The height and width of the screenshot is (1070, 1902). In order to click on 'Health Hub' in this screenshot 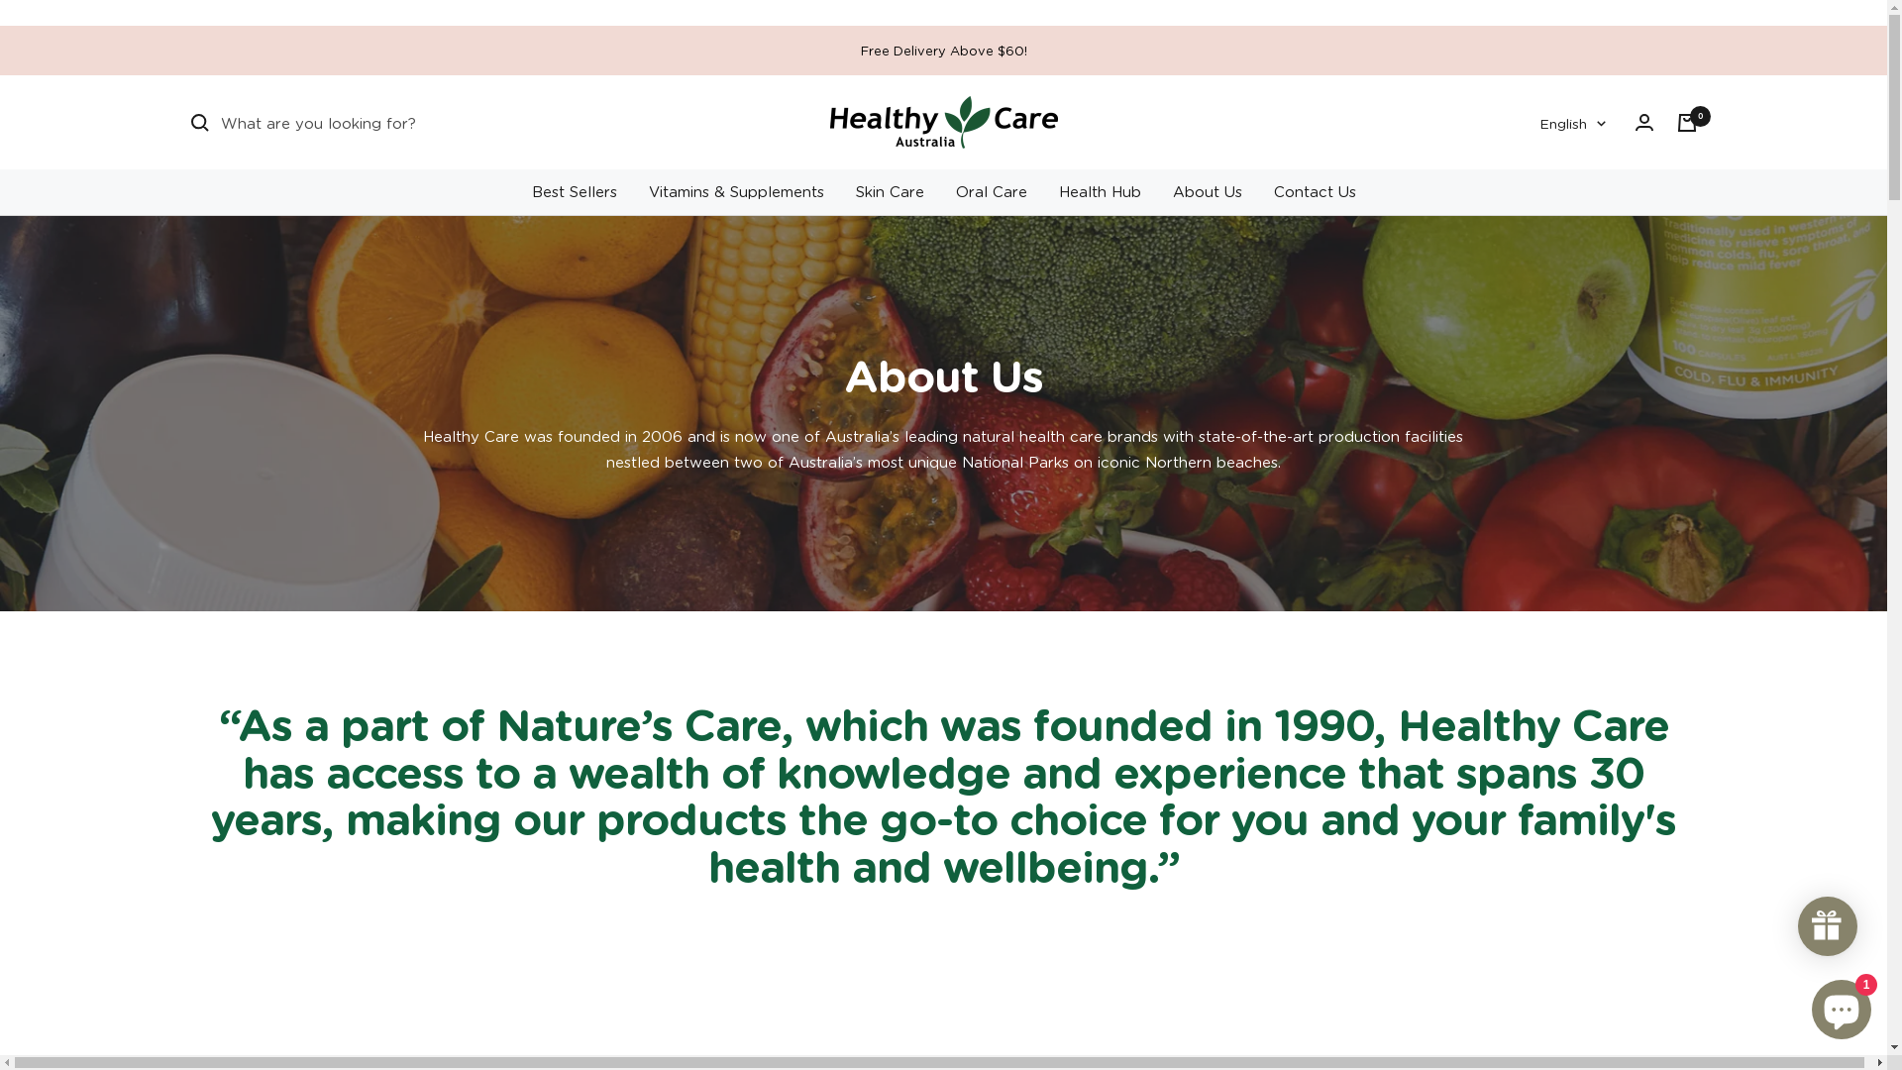, I will do `click(1057, 190)`.